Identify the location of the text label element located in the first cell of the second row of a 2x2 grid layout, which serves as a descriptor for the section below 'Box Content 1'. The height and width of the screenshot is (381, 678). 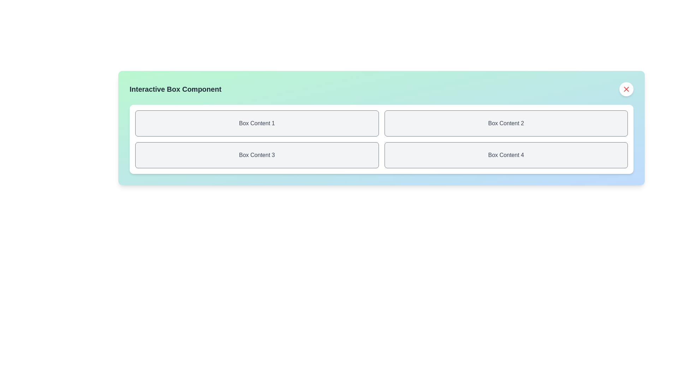
(256, 155).